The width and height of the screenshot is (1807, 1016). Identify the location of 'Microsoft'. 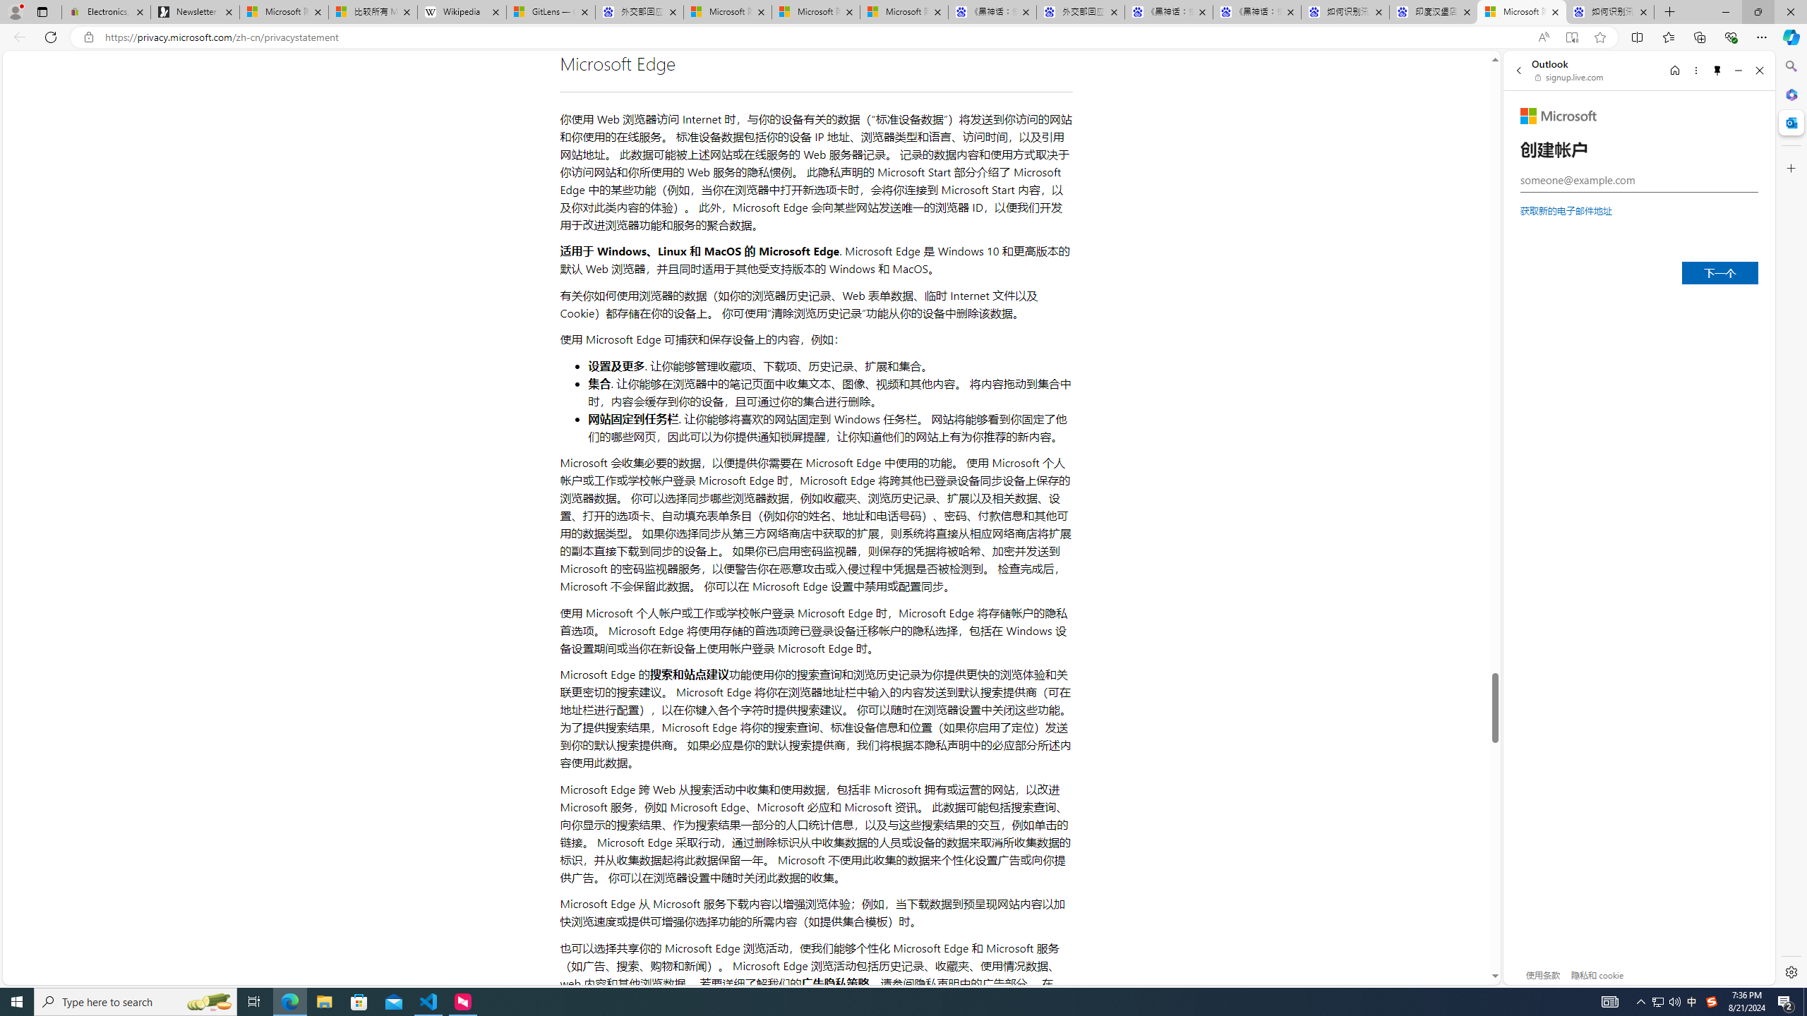
(1559, 116).